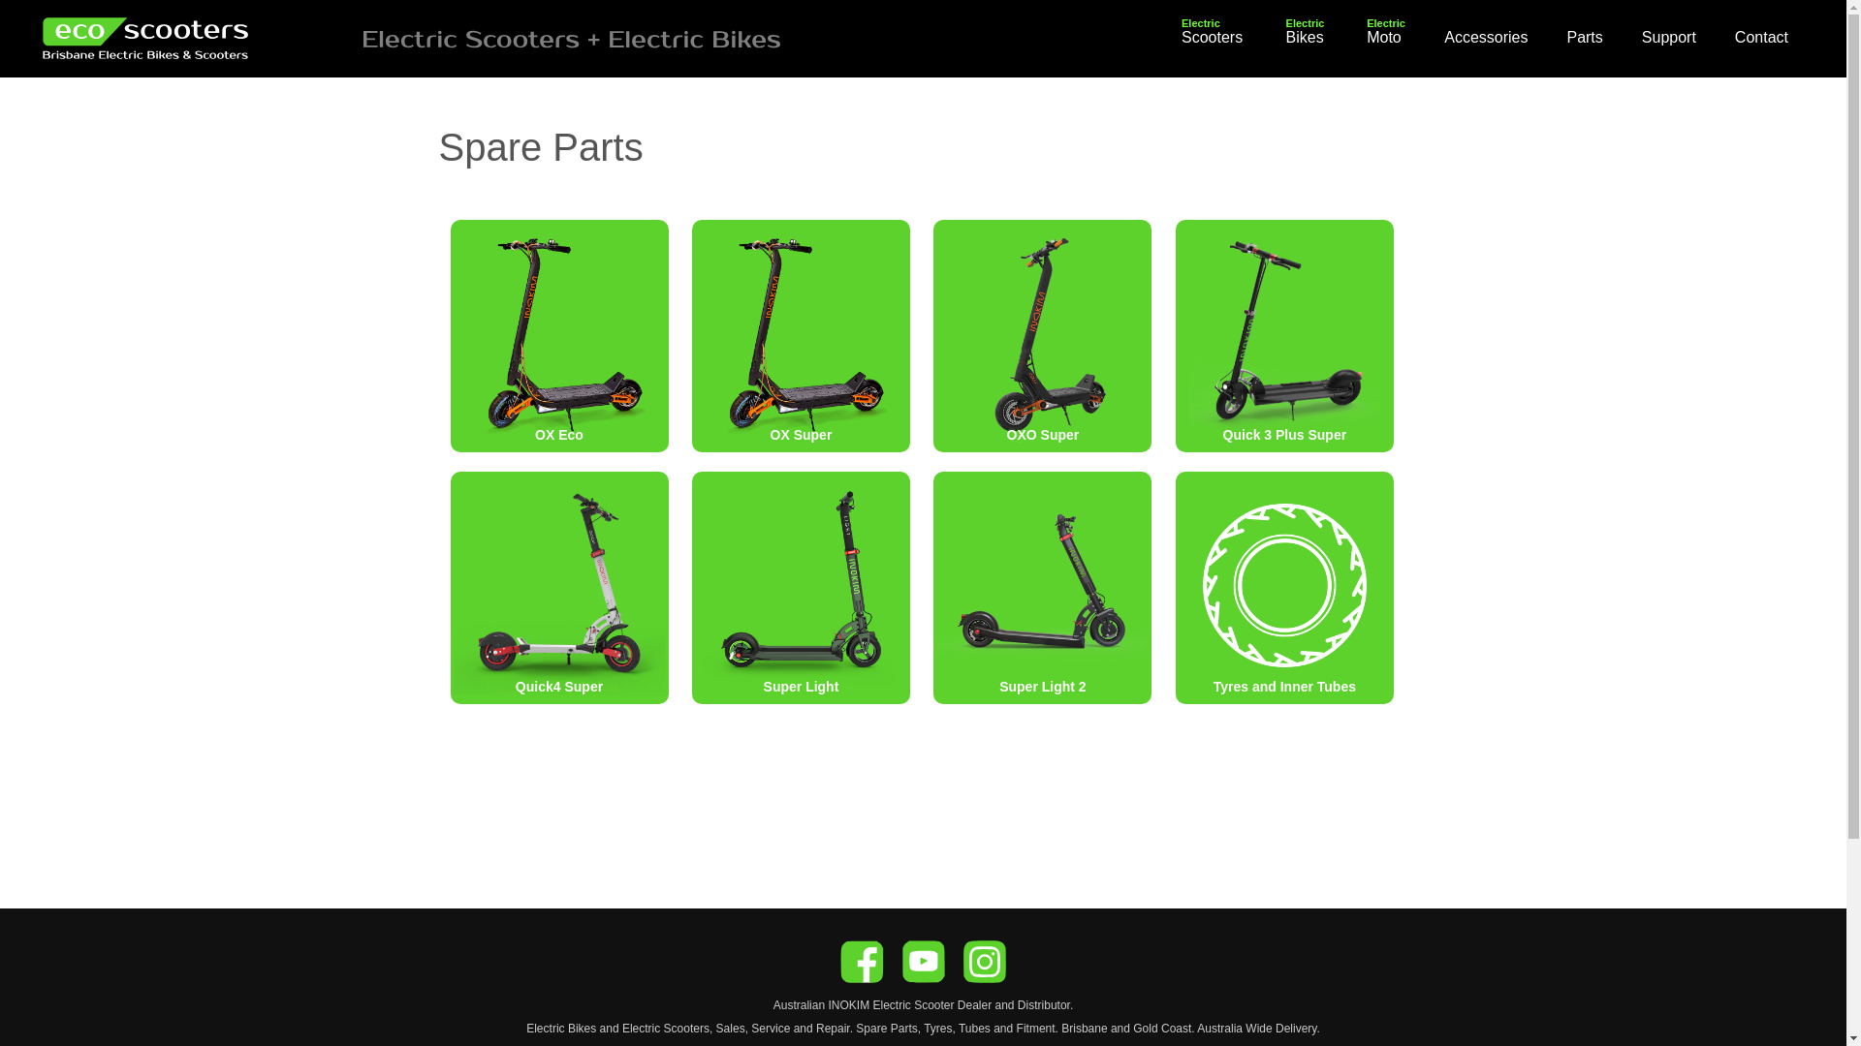 Image resolution: width=1861 pixels, height=1046 pixels. Describe the element at coordinates (1211, 37) in the screenshot. I see `'Electric` at that location.